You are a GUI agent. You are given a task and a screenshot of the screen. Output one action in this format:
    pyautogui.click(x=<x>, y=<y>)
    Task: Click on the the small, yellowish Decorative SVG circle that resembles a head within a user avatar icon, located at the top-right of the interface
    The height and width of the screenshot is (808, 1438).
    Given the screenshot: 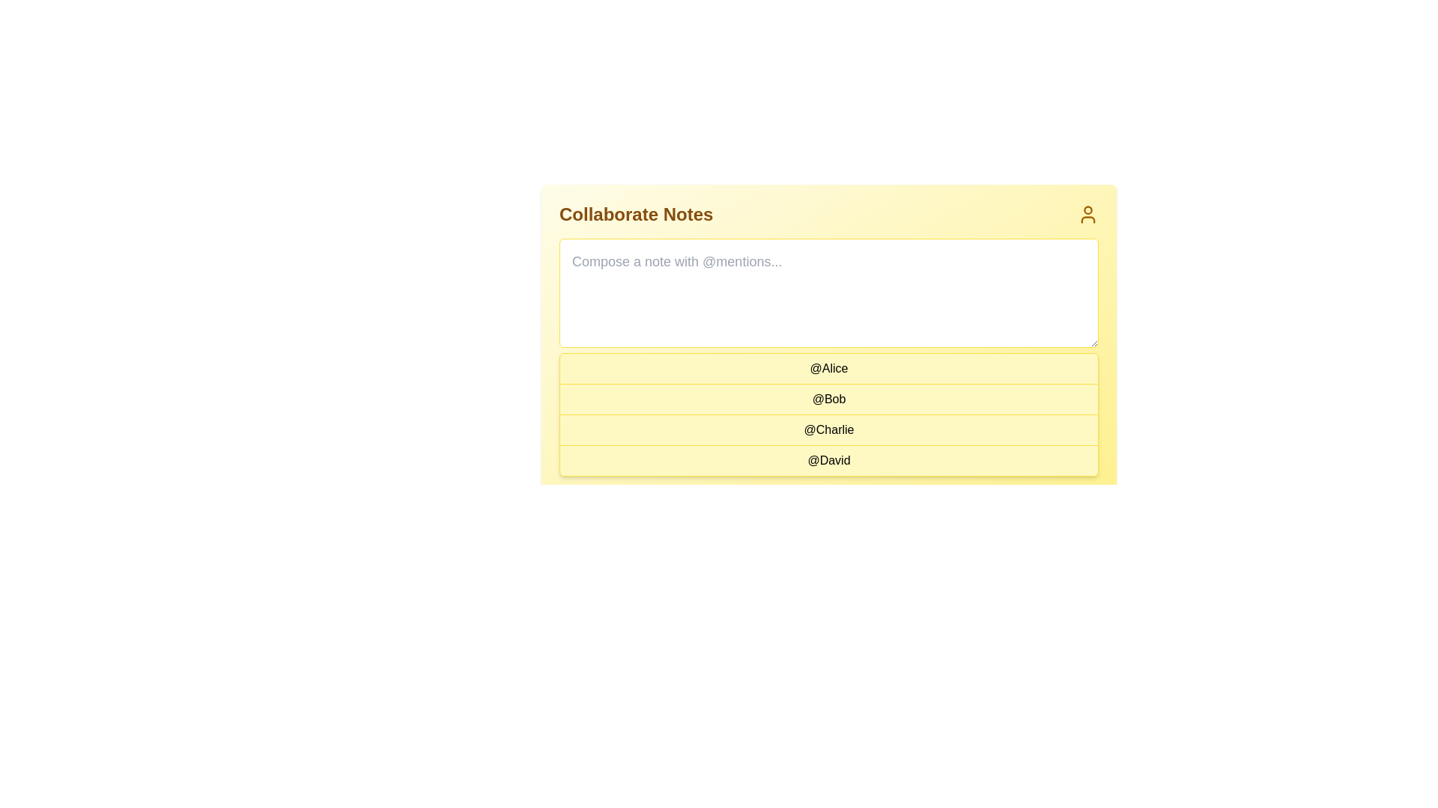 What is the action you would take?
    pyautogui.click(x=1088, y=210)
    